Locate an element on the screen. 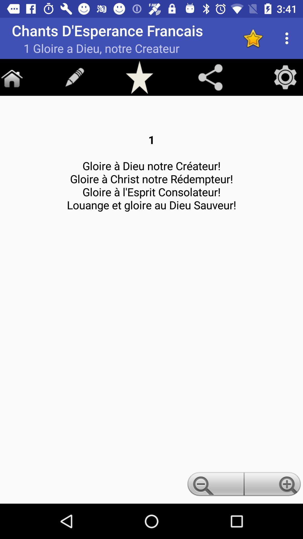 The width and height of the screenshot is (303, 539). share contact is located at coordinates (210, 77).